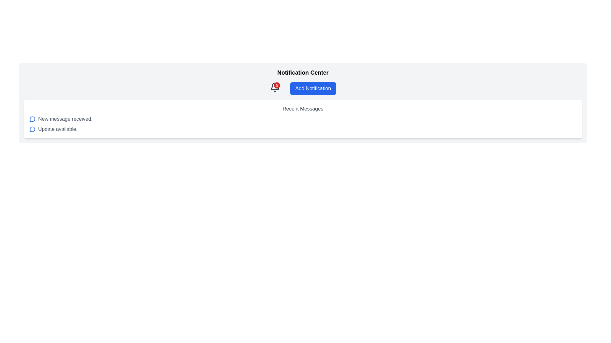 The width and height of the screenshot is (611, 343). I want to click on the notification icon located in the 'Notification Center' area, so click(32, 119).